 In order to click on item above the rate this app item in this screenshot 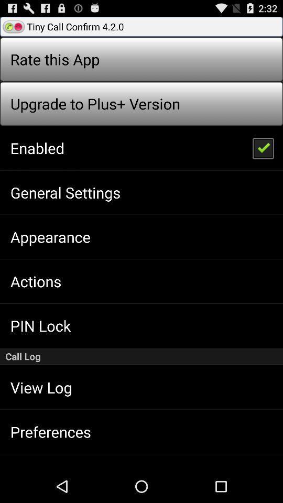, I will do `click(141, 26)`.